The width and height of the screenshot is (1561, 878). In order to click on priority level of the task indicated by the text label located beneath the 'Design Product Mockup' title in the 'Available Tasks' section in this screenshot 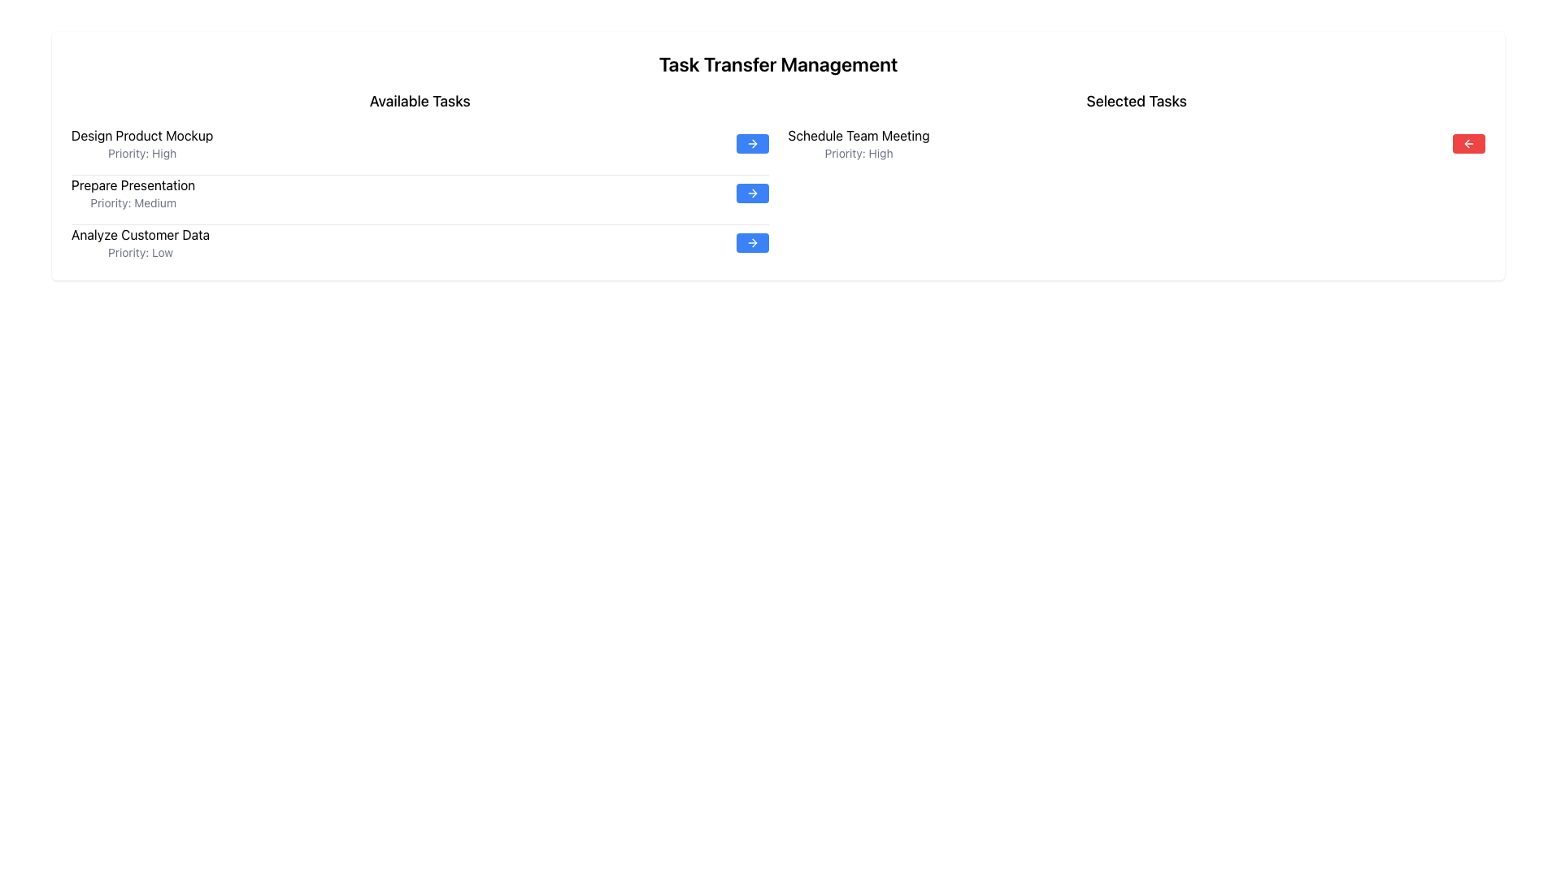, I will do `click(142, 154)`.